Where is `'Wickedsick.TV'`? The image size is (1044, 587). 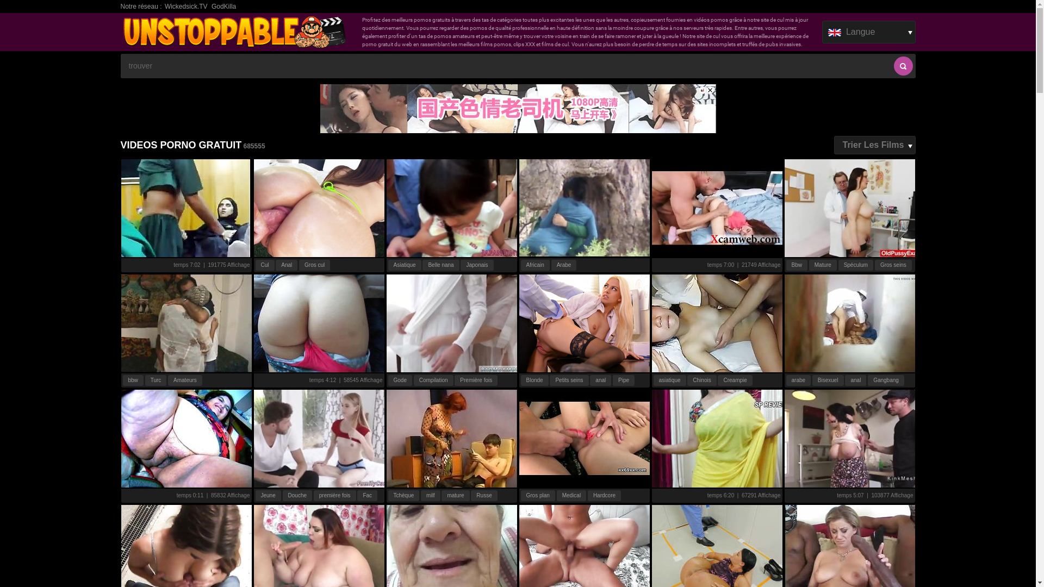
'Wickedsick.TV' is located at coordinates (186, 6).